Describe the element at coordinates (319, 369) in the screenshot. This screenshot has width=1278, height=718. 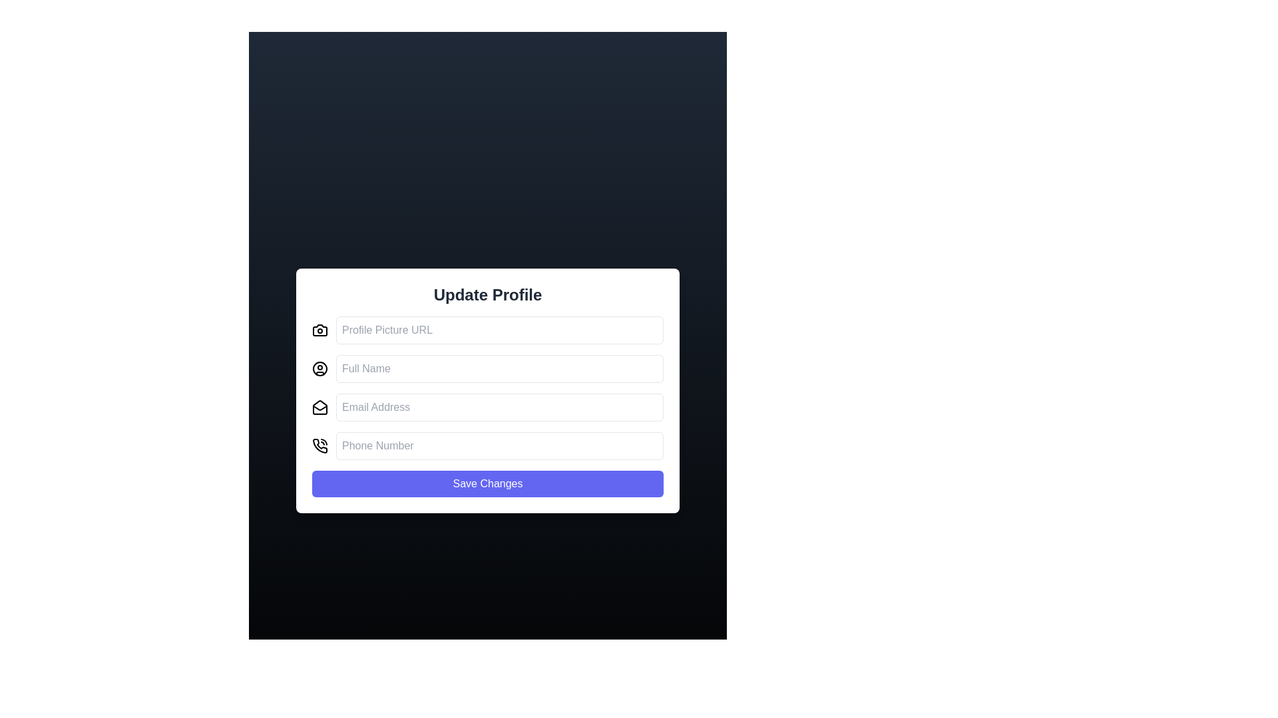
I see `the outermost circular shape of the user profile icon, which is located to the left of the 'Full Name' input field` at that location.